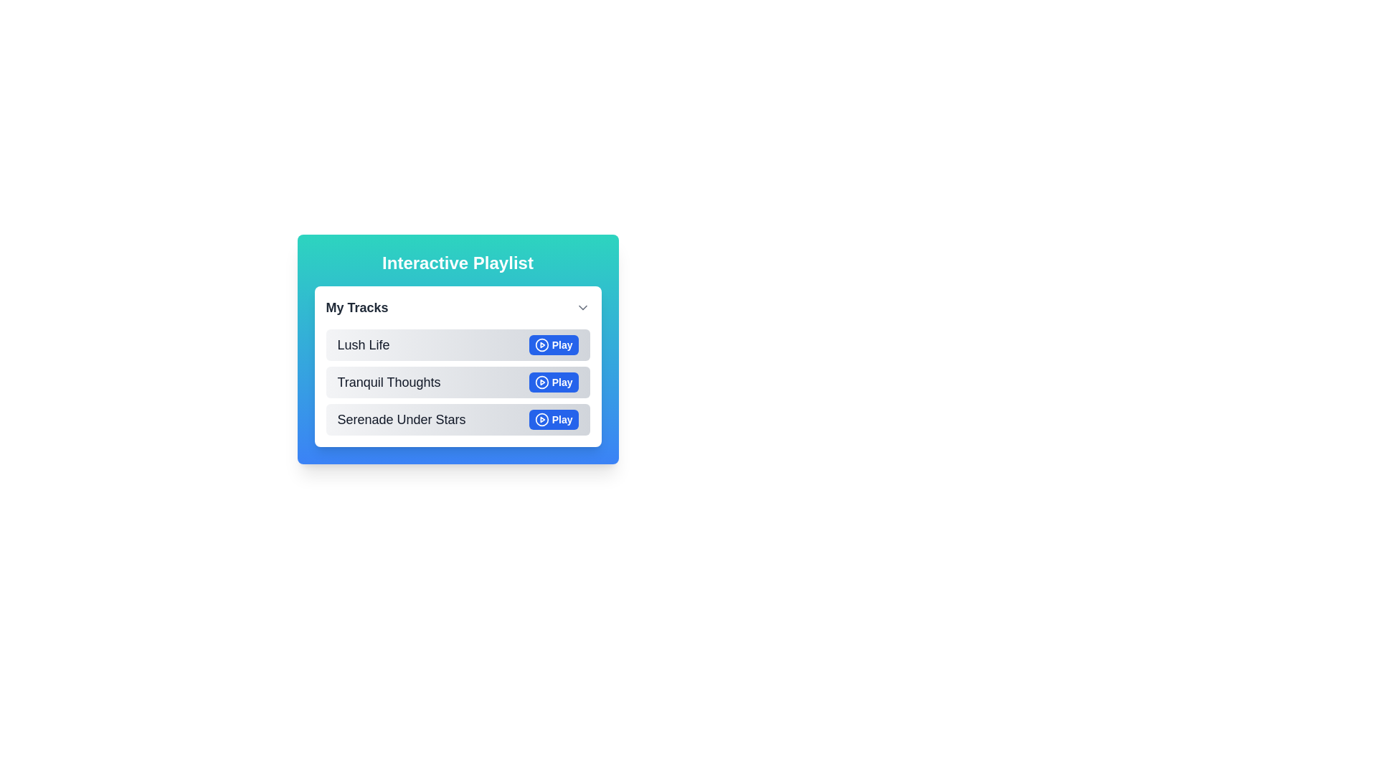 The width and height of the screenshot is (1377, 775). Describe the element at coordinates (541, 420) in the screenshot. I see `the appearance of the play icon, which is a circular SVG with a triangular play symbol inside, located within the 'Play' button next to the track title 'Serenade Under Stars'` at that location.